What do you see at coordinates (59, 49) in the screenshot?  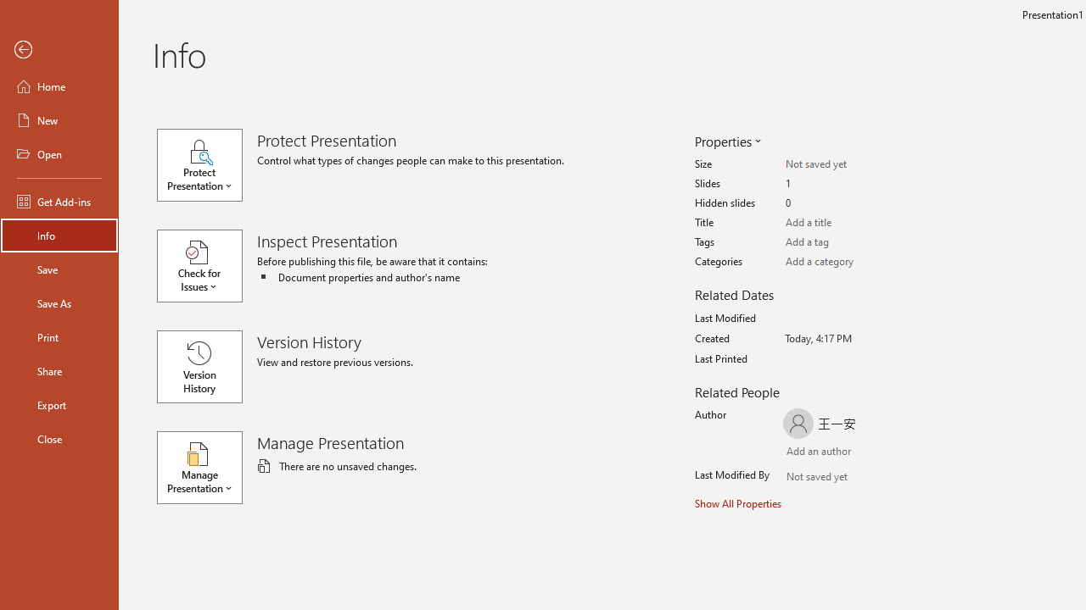 I see `'Back'` at bounding box center [59, 49].